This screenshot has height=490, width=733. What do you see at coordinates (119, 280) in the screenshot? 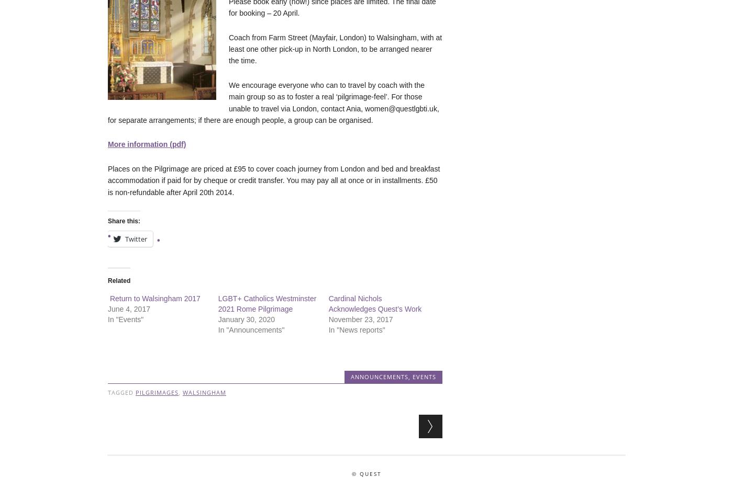
I see `'Related'` at bounding box center [119, 280].